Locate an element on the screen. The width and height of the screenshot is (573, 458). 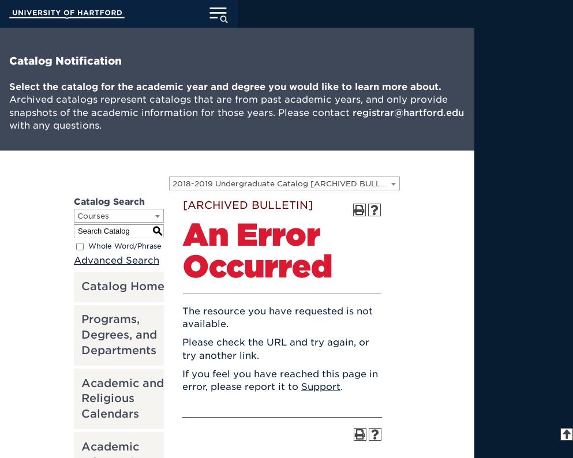
'[ARCHIVED BULLETIN]' is located at coordinates (247, 204).